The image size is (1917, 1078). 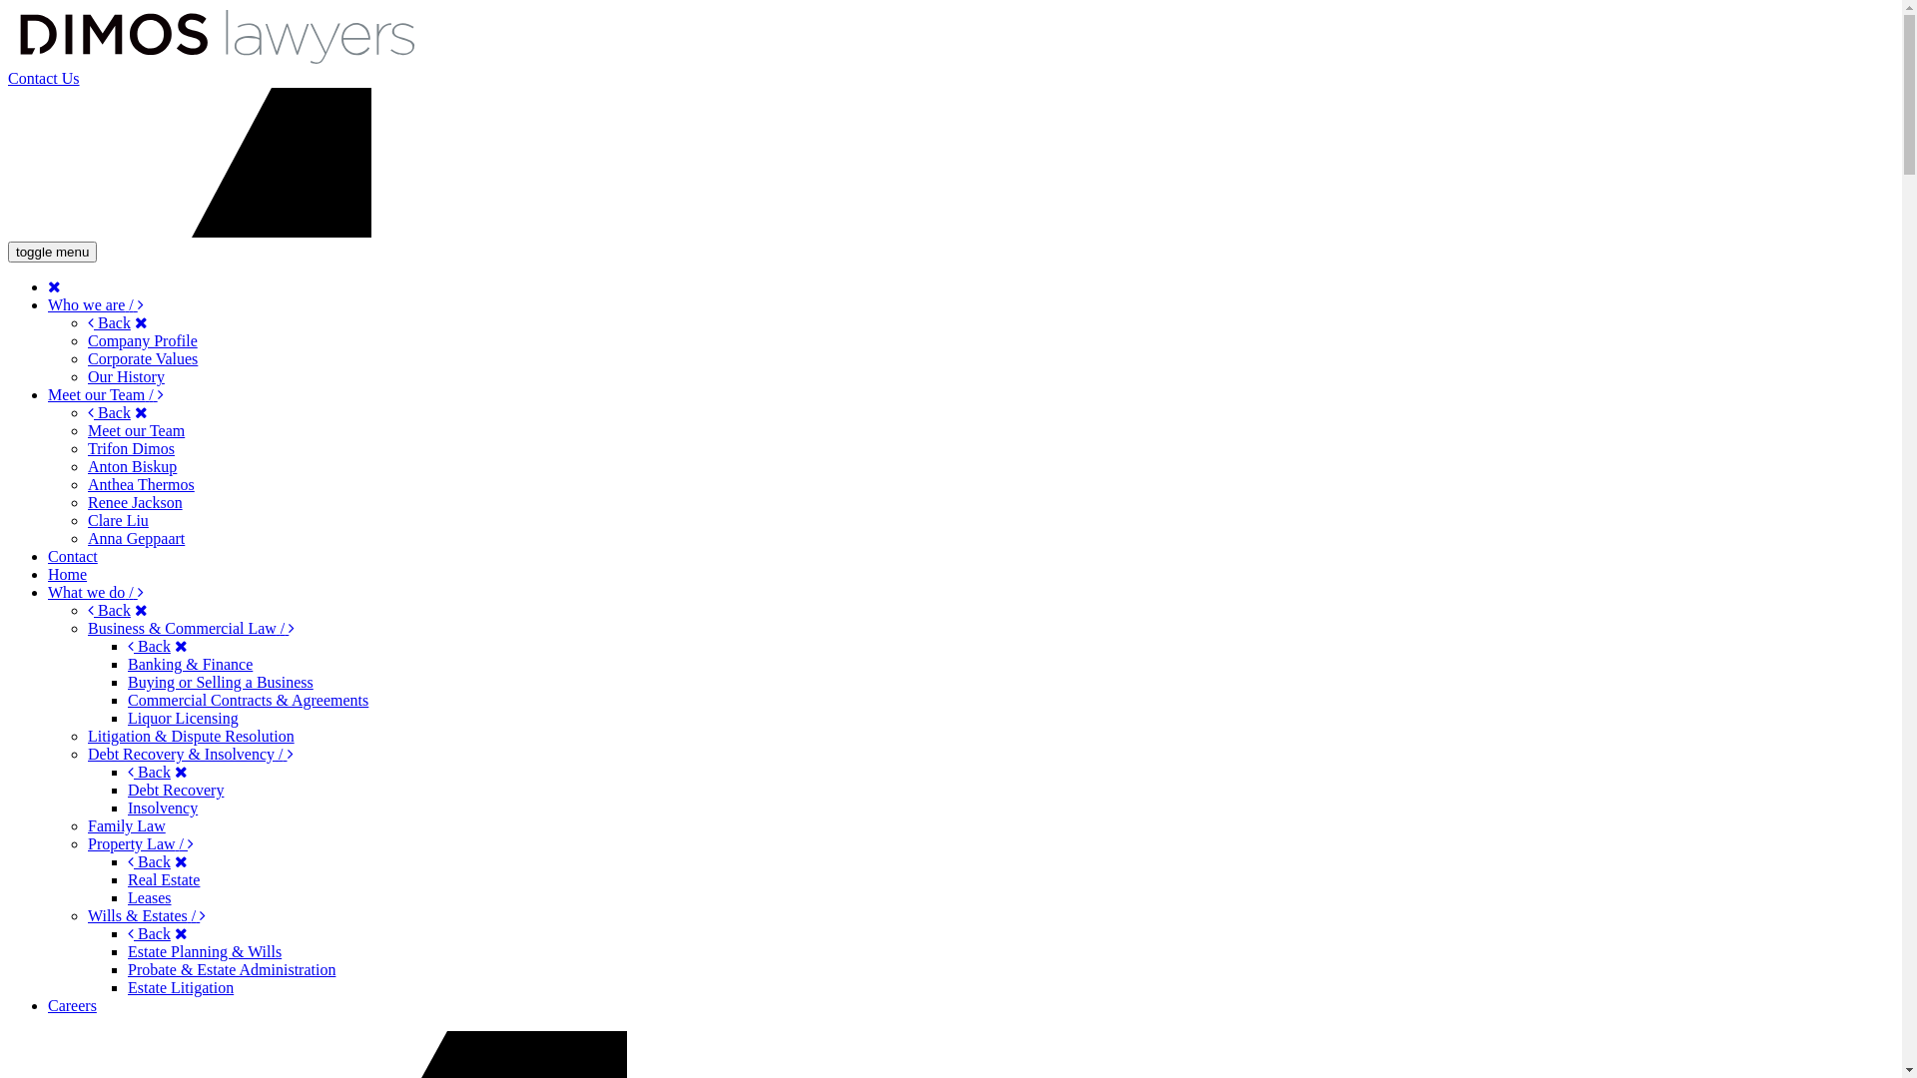 What do you see at coordinates (48, 591) in the screenshot?
I see `'What we do /'` at bounding box center [48, 591].